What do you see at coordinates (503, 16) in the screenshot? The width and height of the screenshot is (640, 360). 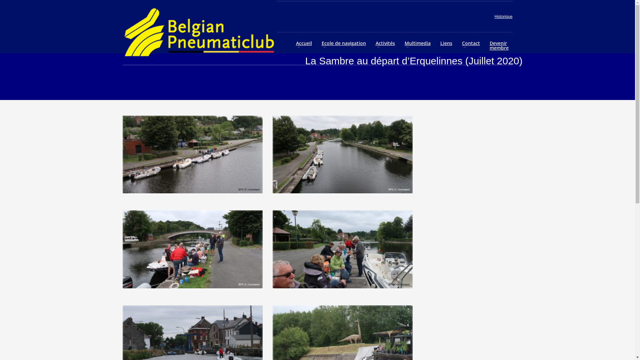 I see `'Historique'` at bounding box center [503, 16].